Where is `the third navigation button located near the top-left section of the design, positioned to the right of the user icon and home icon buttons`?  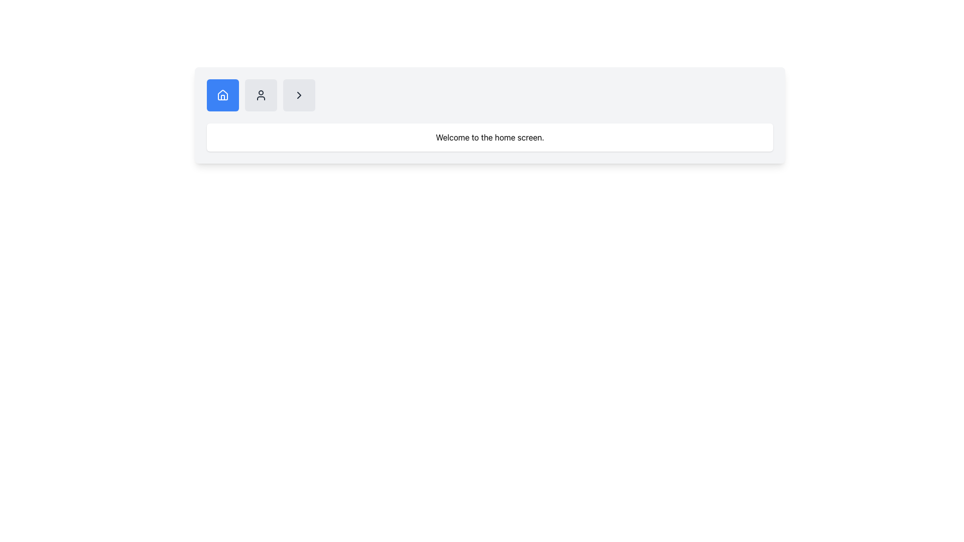
the third navigation button located near the top-left section of the design, positioned to the right of the user icon and home icon buttons is located at coordinates (298, 95).